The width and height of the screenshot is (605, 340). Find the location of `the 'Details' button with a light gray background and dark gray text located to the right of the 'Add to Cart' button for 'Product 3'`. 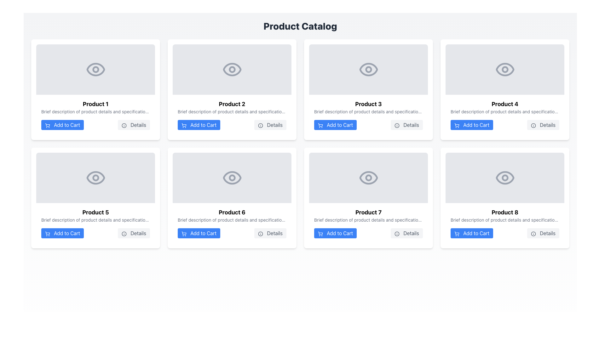

the 'Details' button with a light gray background and dark gray text located to the right of the 'Add to Cart' button for 'Product 3' is located at coordinates (407, 125).